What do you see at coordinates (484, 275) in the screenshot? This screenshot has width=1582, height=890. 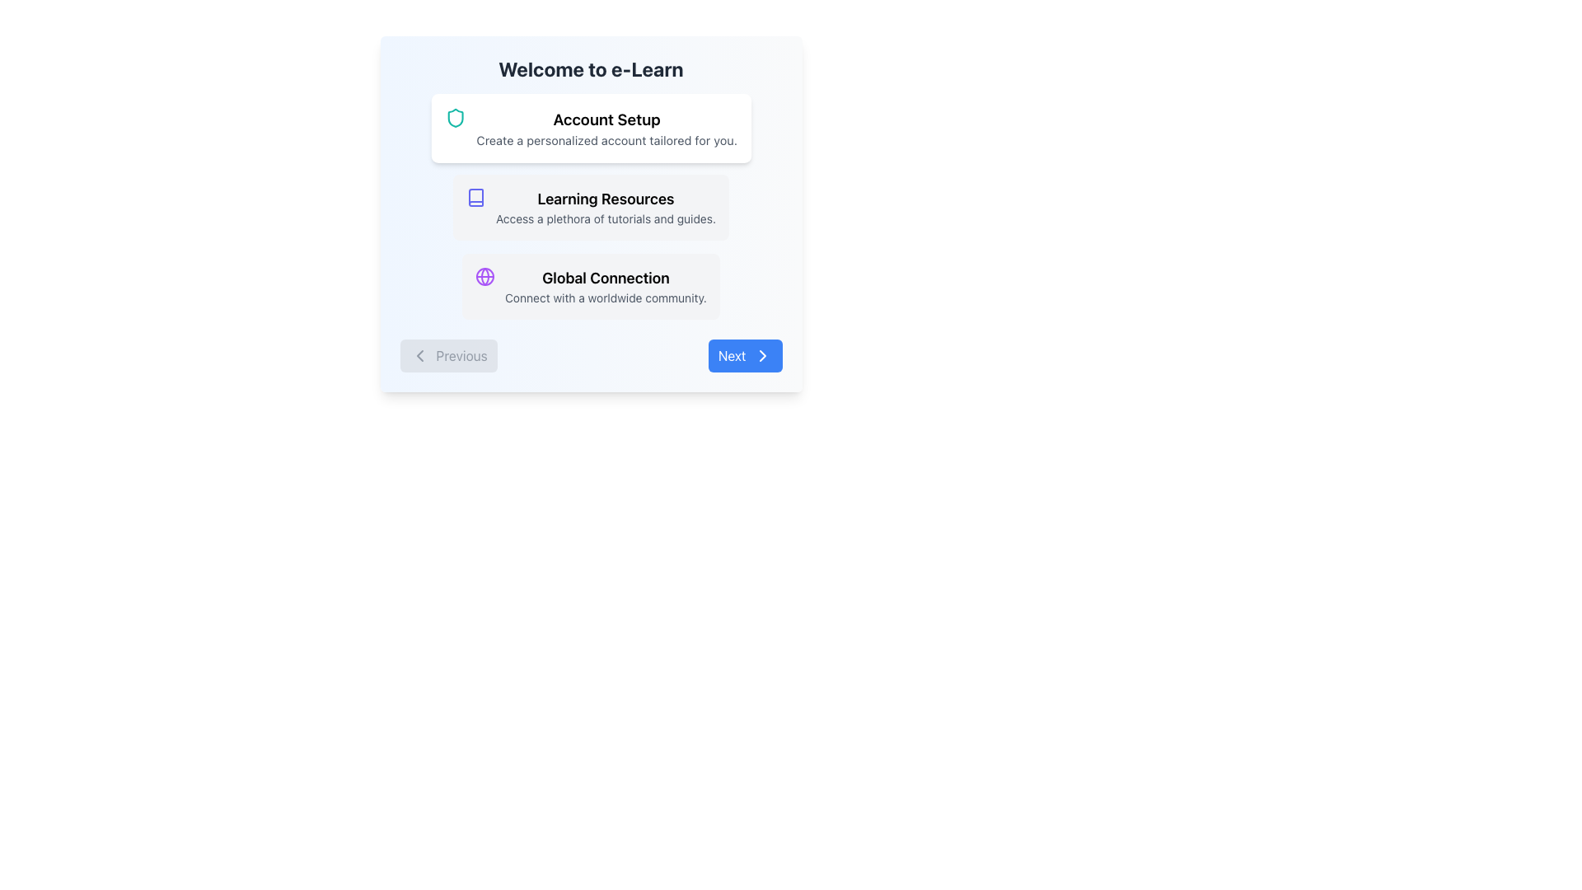 I see `the main circular boundary of the globe icon located to the left of the 'Global Connection' label` at bounding box center [484, 275].